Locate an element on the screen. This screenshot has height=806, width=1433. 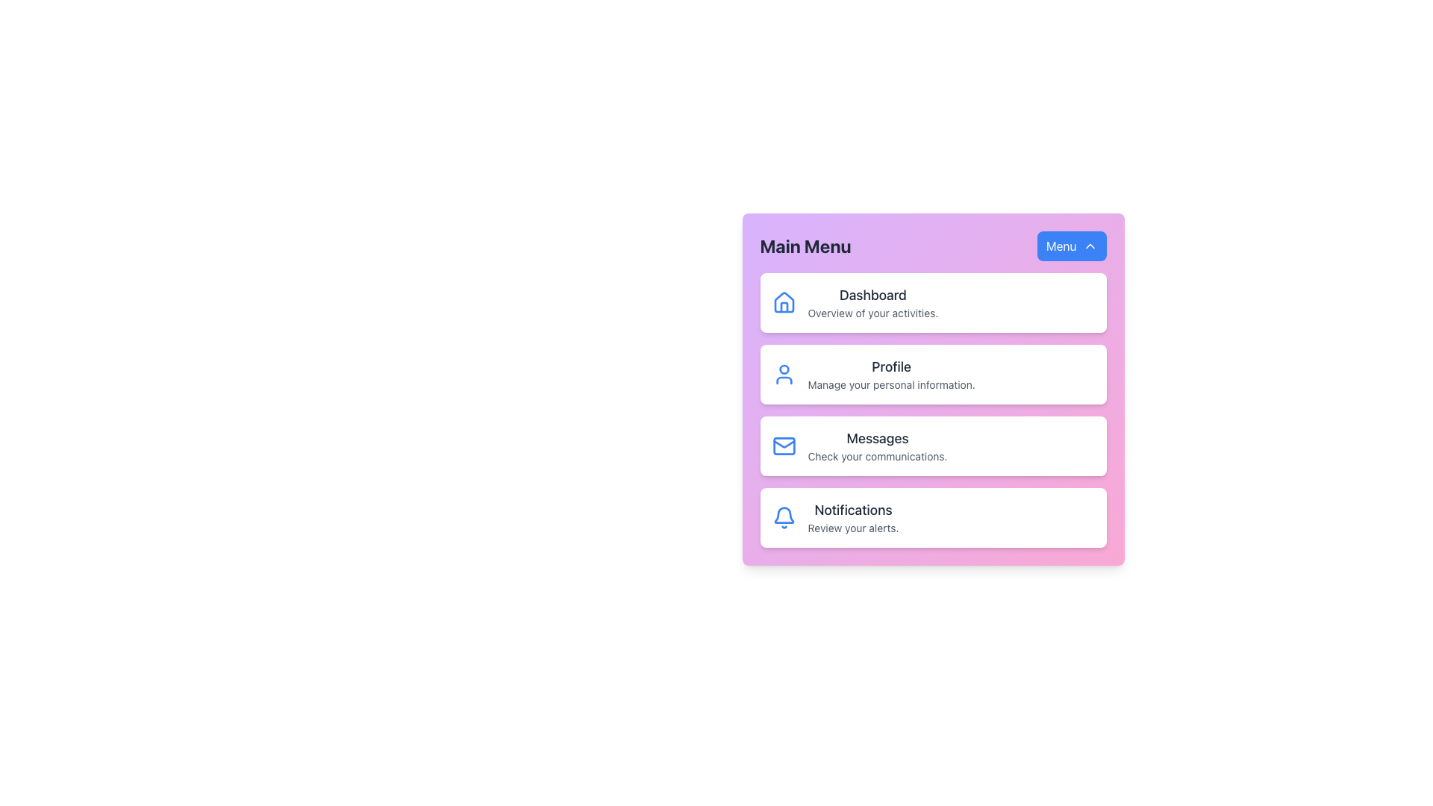
the Card-like Button with a white background, blue mail icon, bold title 'Messages', and subtitle 'Check your communications.' located in the vertical menu list as the third item is located at coordinates (932, 445).